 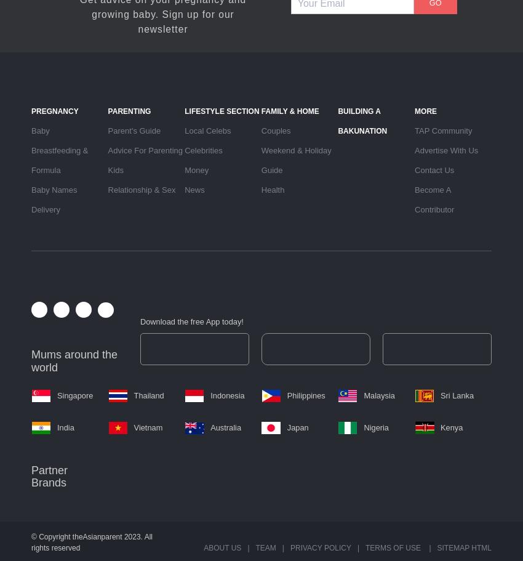 I want to click on 'Parenting', so click(x=107, y=110).